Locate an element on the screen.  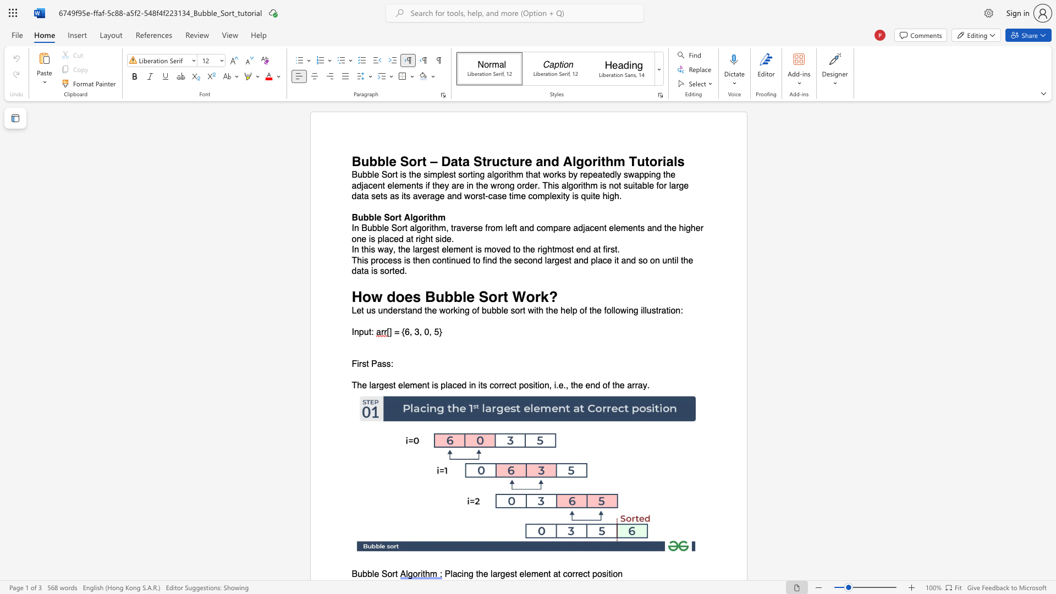
the 9th character "s" in the text is located at coordinates (382, 271).